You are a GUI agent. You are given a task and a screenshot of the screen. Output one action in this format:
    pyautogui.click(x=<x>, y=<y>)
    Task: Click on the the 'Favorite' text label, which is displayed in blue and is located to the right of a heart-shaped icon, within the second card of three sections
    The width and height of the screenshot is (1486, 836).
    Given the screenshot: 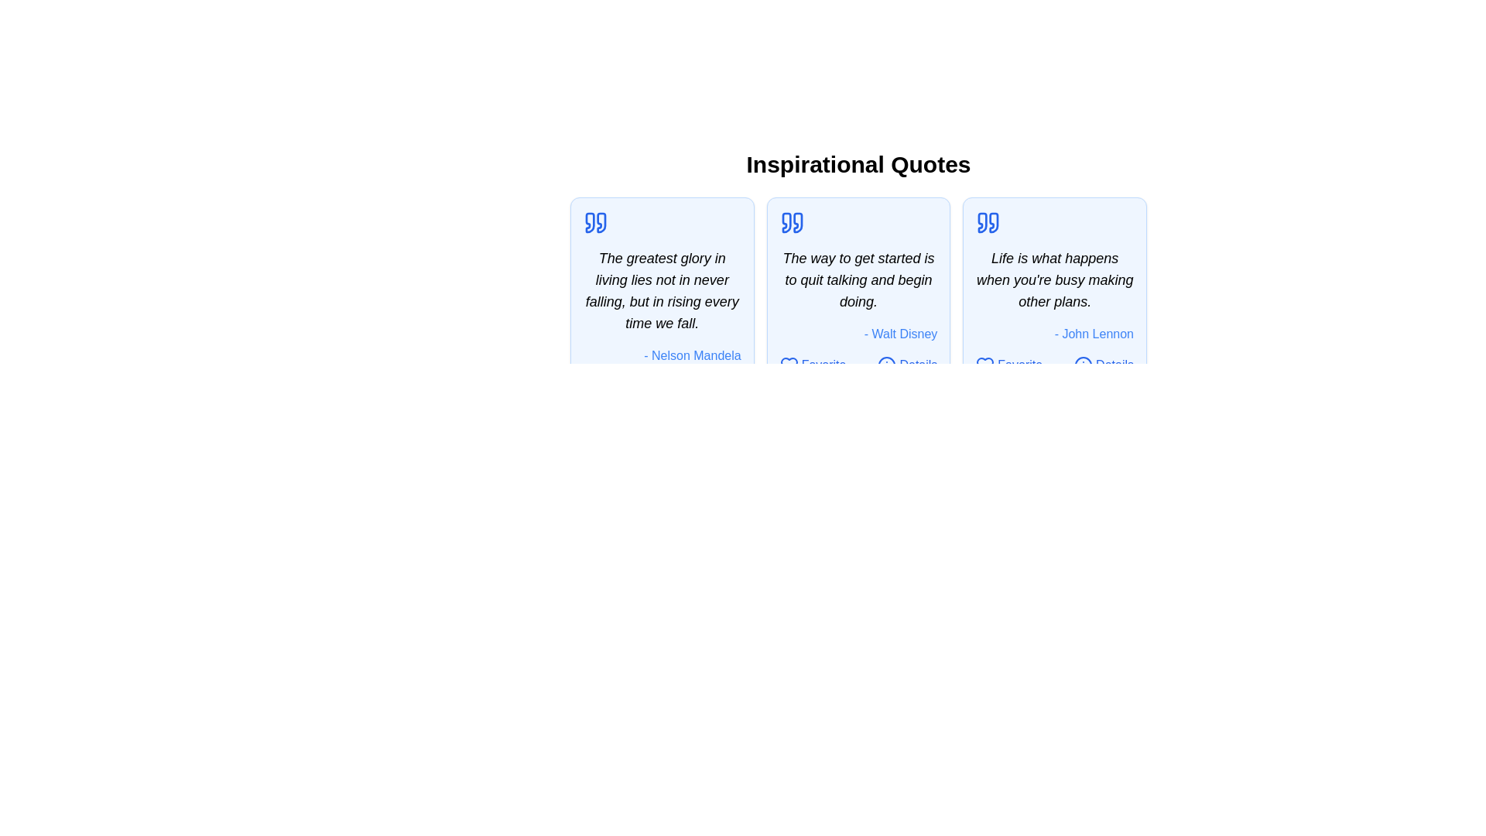 What is the action you would take?
    pyautogui.click(x=823, y=365)
    